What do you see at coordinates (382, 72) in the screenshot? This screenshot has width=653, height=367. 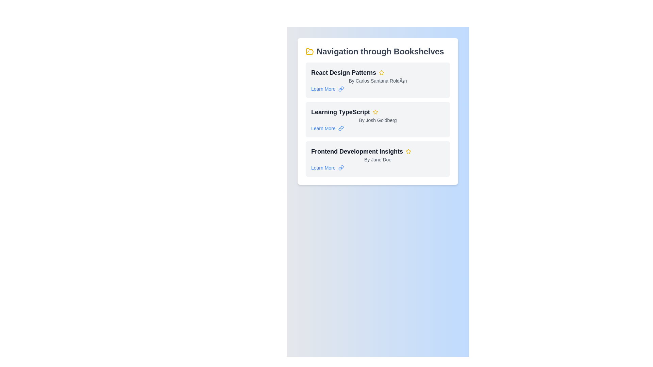 I see `the yellow star icon located to the right of the text 'React Design Patterns', which is the first list item in a vertical group of book entries` at bounding box center [382, 72].